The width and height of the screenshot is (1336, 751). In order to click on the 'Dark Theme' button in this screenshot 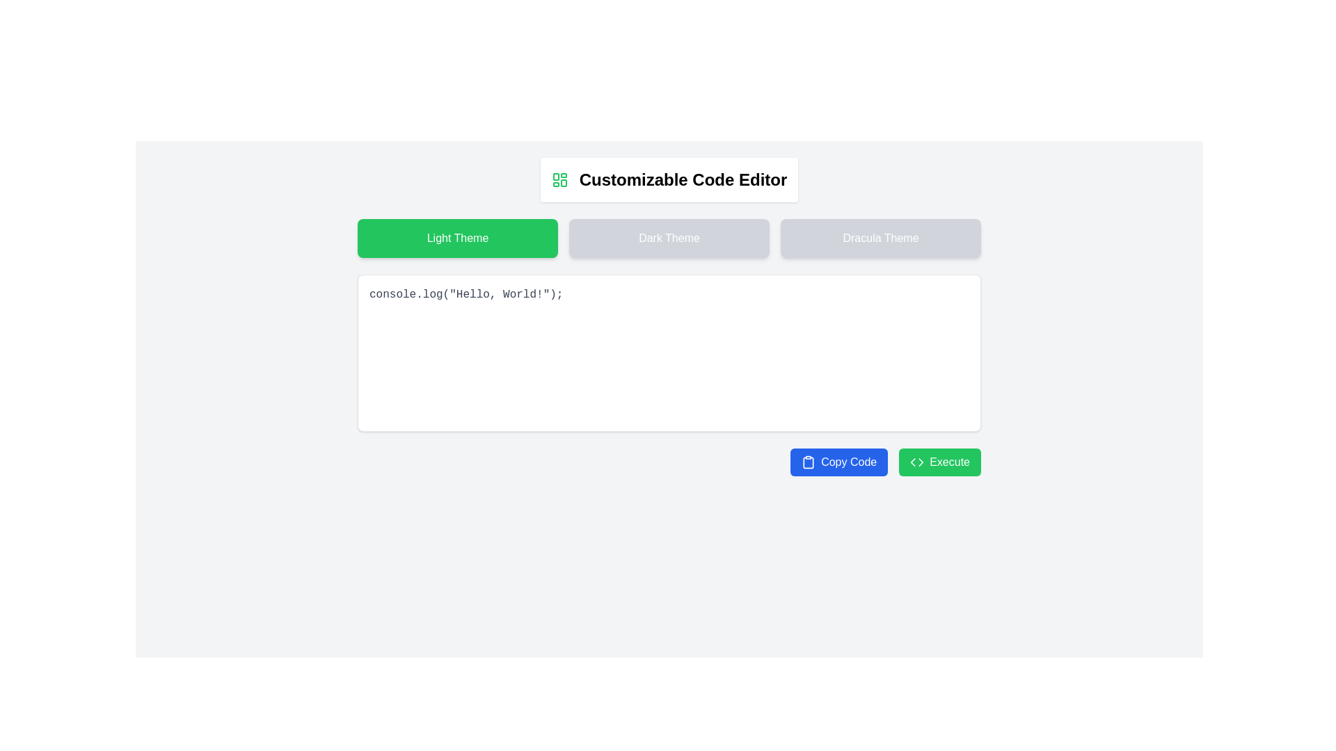, I will do `click(669, 238)`.